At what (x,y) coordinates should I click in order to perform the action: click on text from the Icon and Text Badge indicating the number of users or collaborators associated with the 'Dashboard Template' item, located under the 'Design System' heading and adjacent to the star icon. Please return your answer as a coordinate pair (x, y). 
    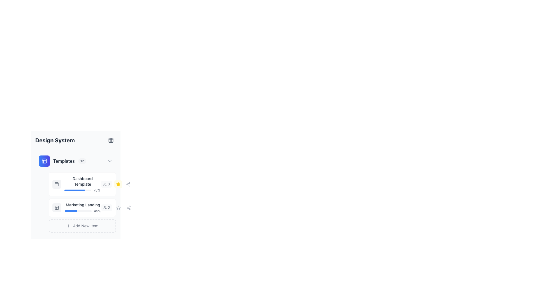
    Looking at the image, I should click on (106, 184).